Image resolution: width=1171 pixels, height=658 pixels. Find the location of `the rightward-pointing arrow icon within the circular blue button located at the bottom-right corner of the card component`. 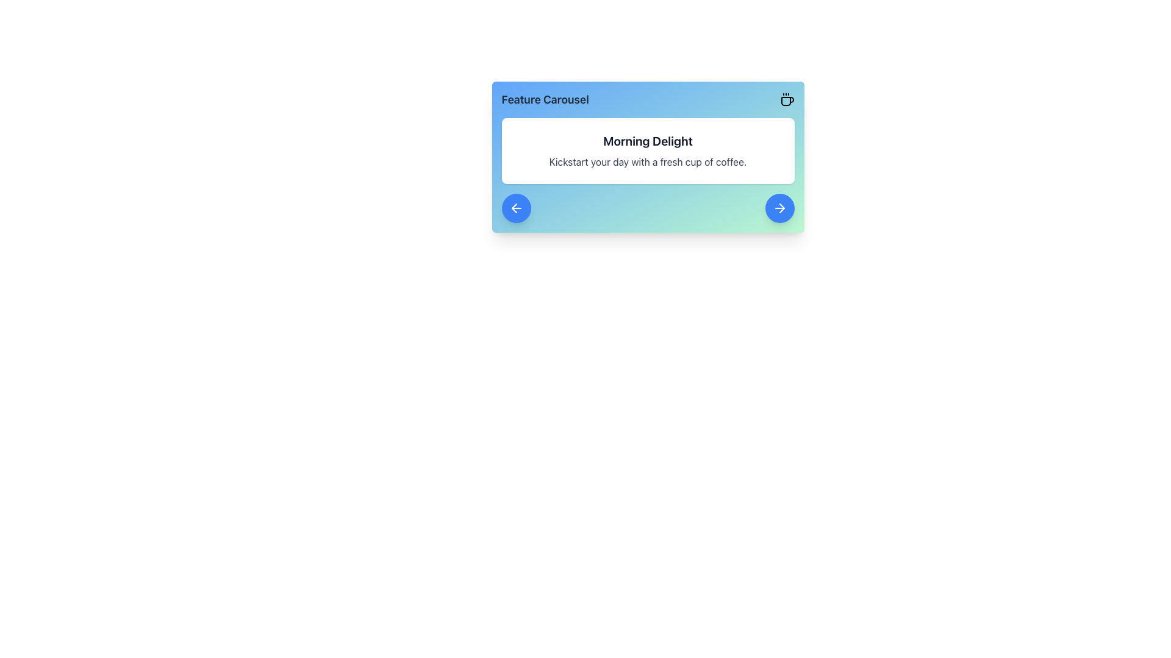

the rightward-pointing arrow icon within the circular blue button located at the bottom-right corner of the card component is located at coordinates (779, 208).